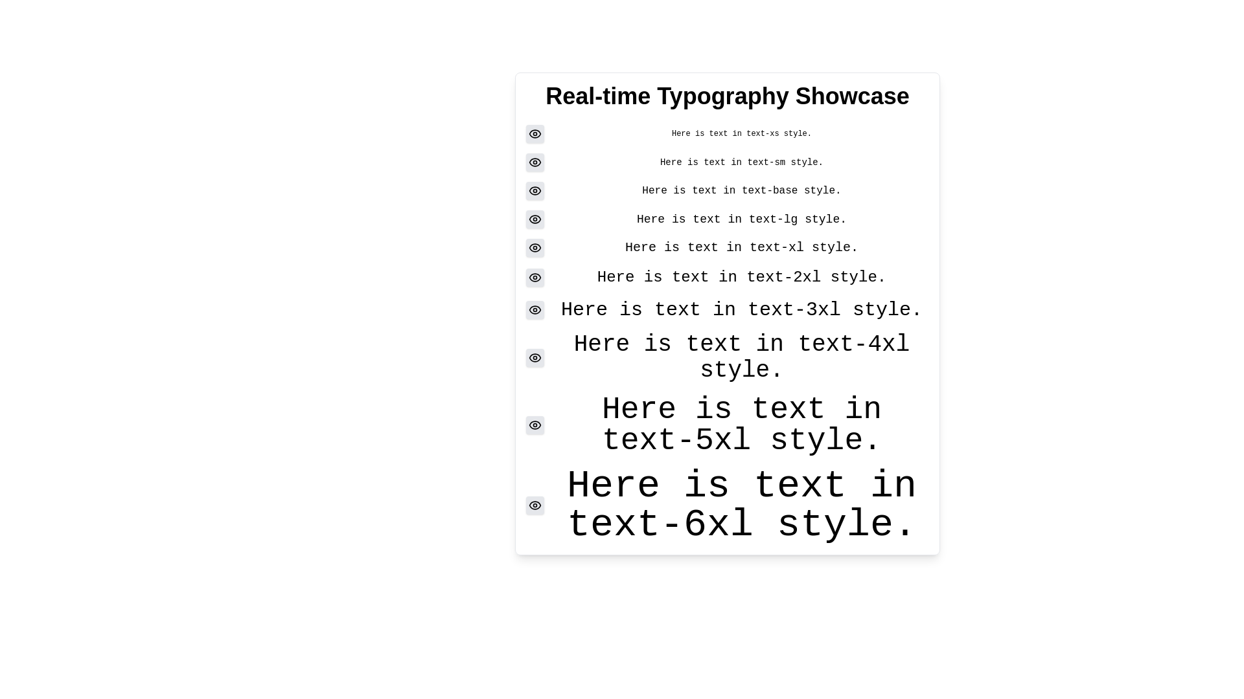  Describe the element at coordinates (535, 219) in the screenshot. I see `the rounded button with a gray background and an eye-shaped icon` at that location.